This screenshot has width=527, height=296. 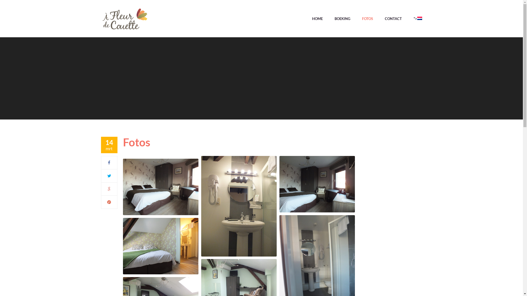 I want to click on 'afleurdecouette - ', so click(x=125, y=20).